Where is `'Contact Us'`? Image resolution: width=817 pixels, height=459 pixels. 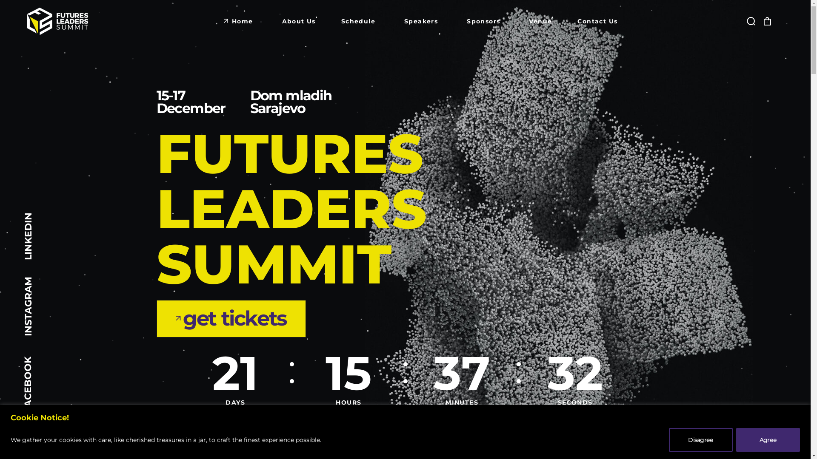 'Contact Us' is located at coordinates (597, 21).